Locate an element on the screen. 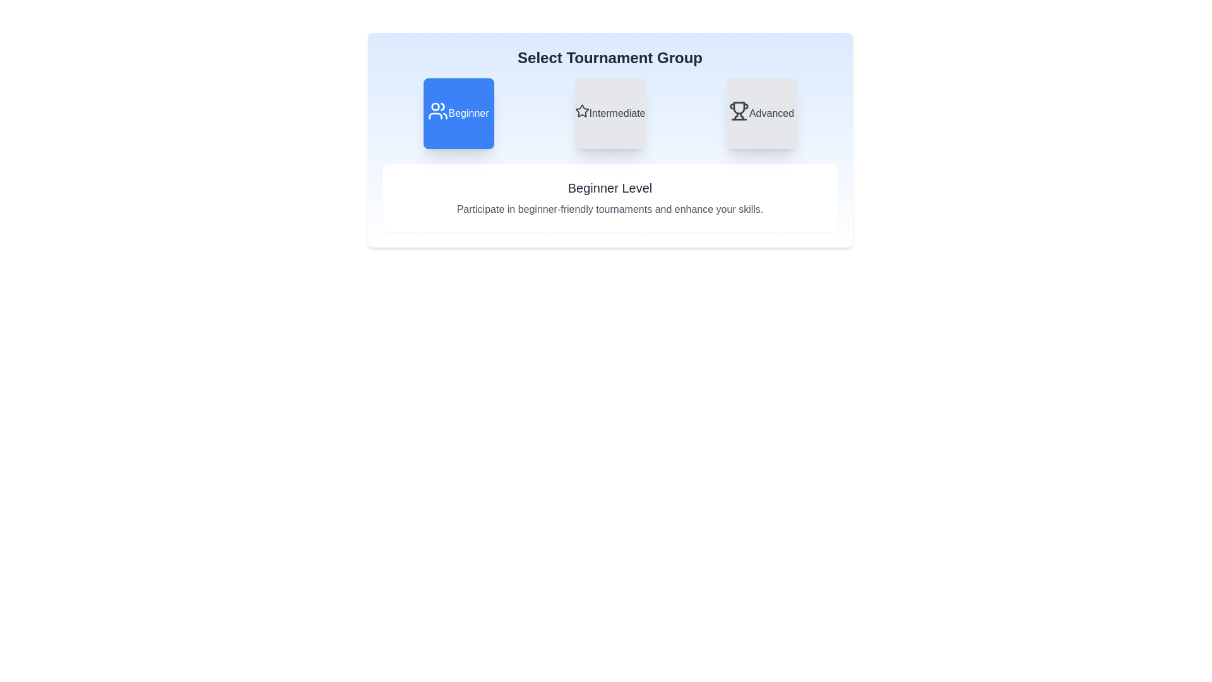 The image size is (1212, 682). the star-shaped icon outlined design that is centrally placed within the grey square card labeled 'Intermediate' is located at coordinates (581, 111).